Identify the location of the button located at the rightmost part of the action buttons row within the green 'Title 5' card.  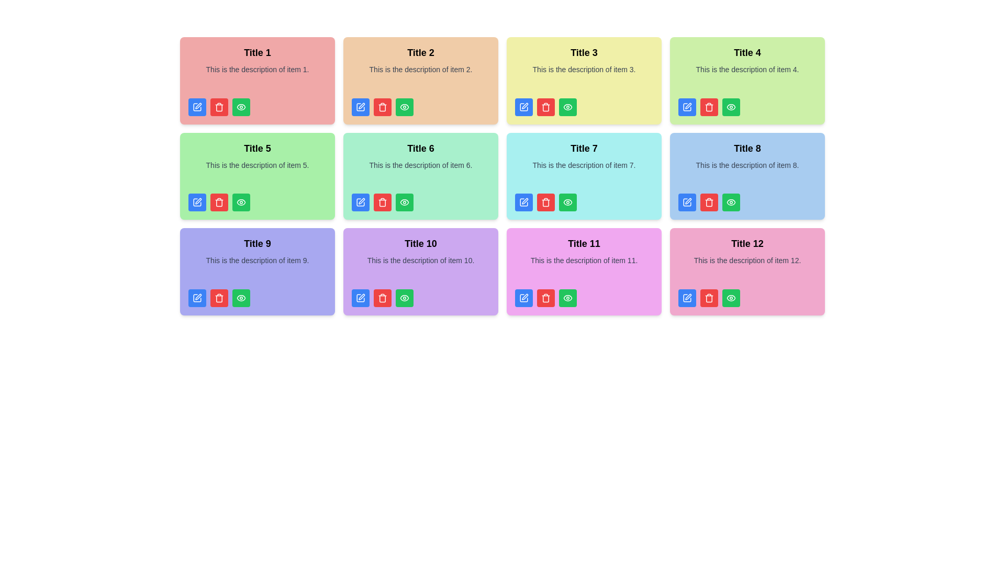
(240, 202).